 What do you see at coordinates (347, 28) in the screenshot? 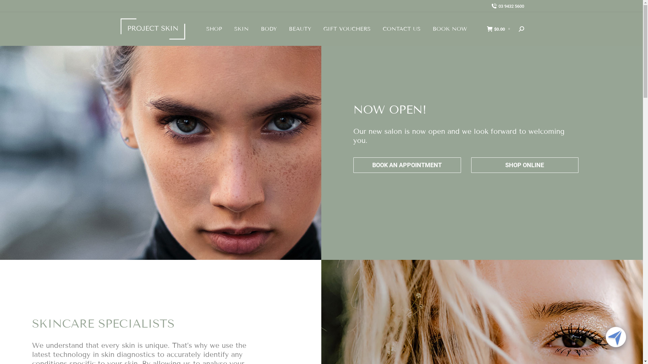
I see `'GIFT VOUCHERS'` at bounding box center [347, 28].